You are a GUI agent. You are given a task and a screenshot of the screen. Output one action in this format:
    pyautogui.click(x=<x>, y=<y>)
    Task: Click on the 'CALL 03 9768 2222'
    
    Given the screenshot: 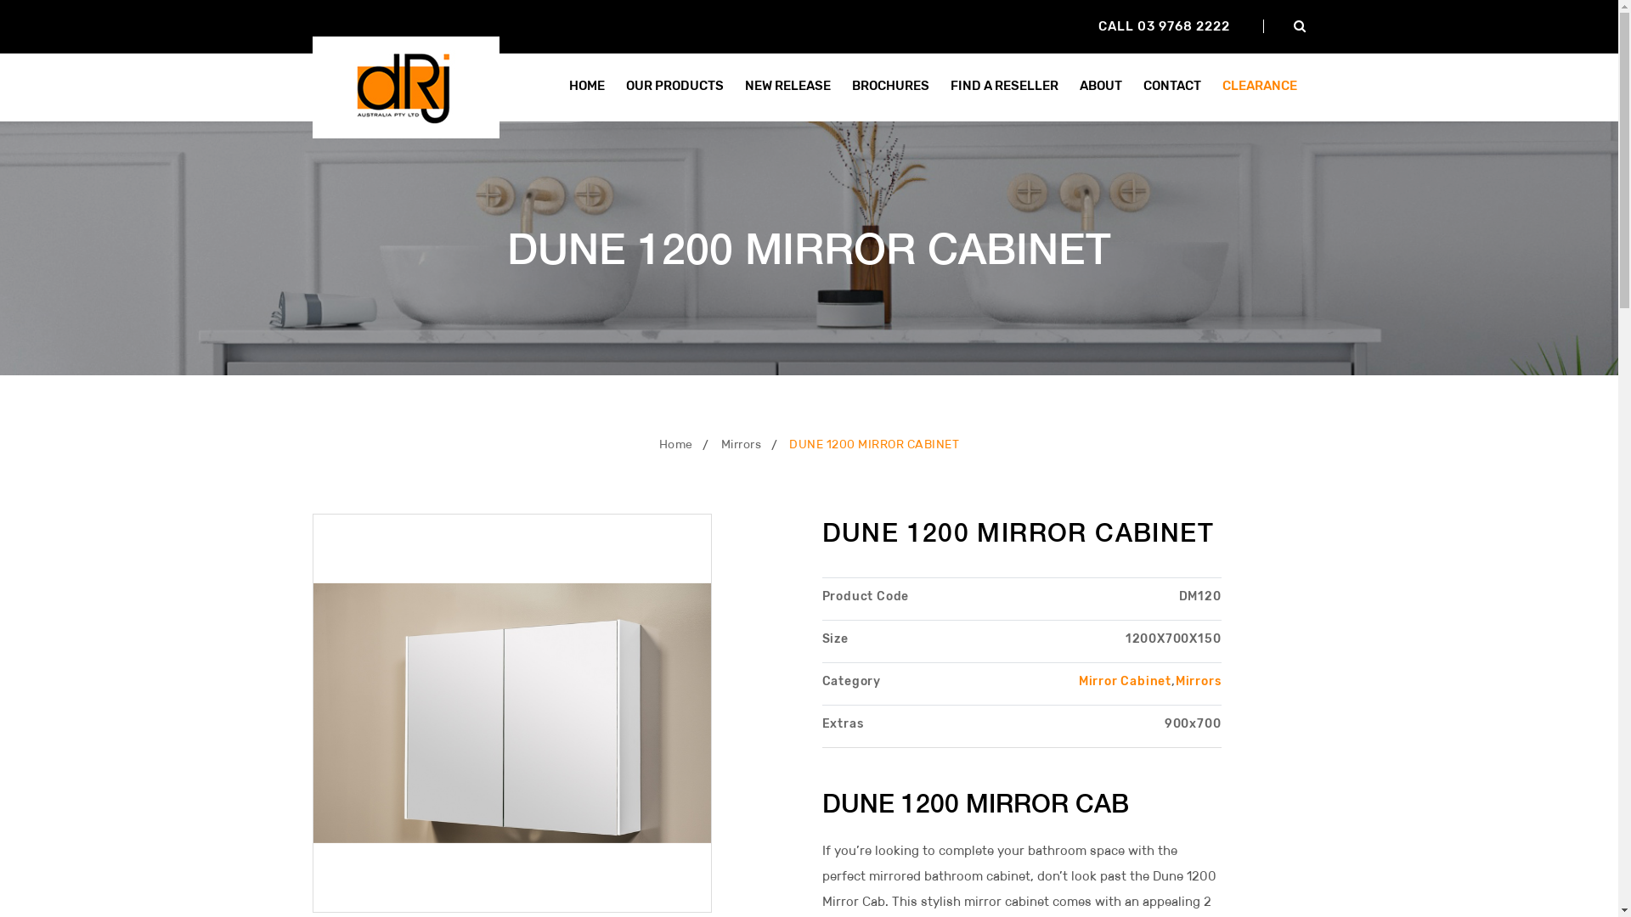 What is the action you would take?
    pyautogui.click(x=1162, y=25)
    